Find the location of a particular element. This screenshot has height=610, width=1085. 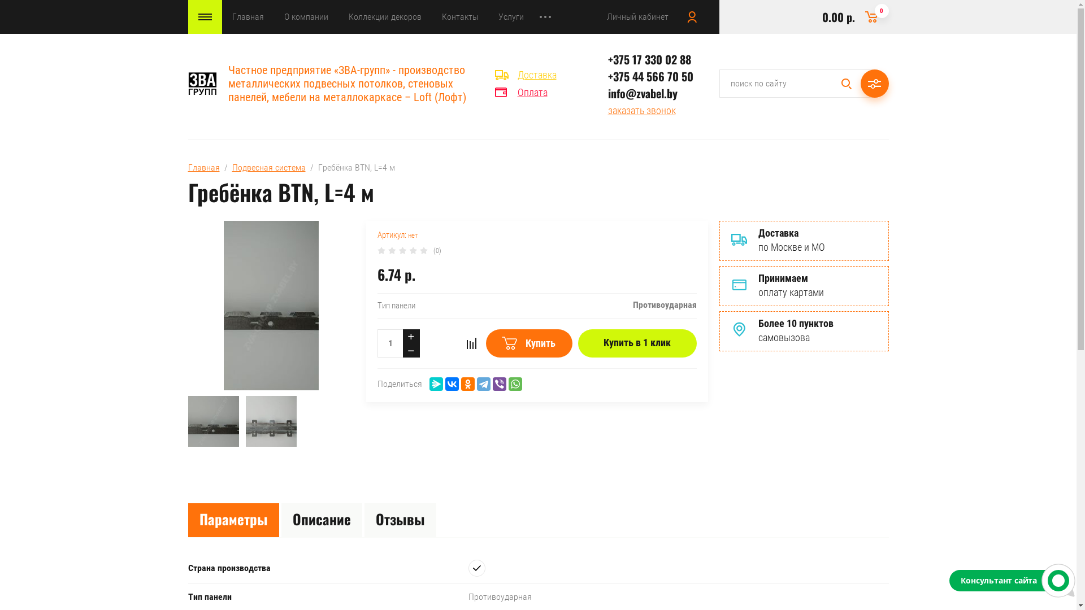

'Viber' is located at coordinates (498, 383).